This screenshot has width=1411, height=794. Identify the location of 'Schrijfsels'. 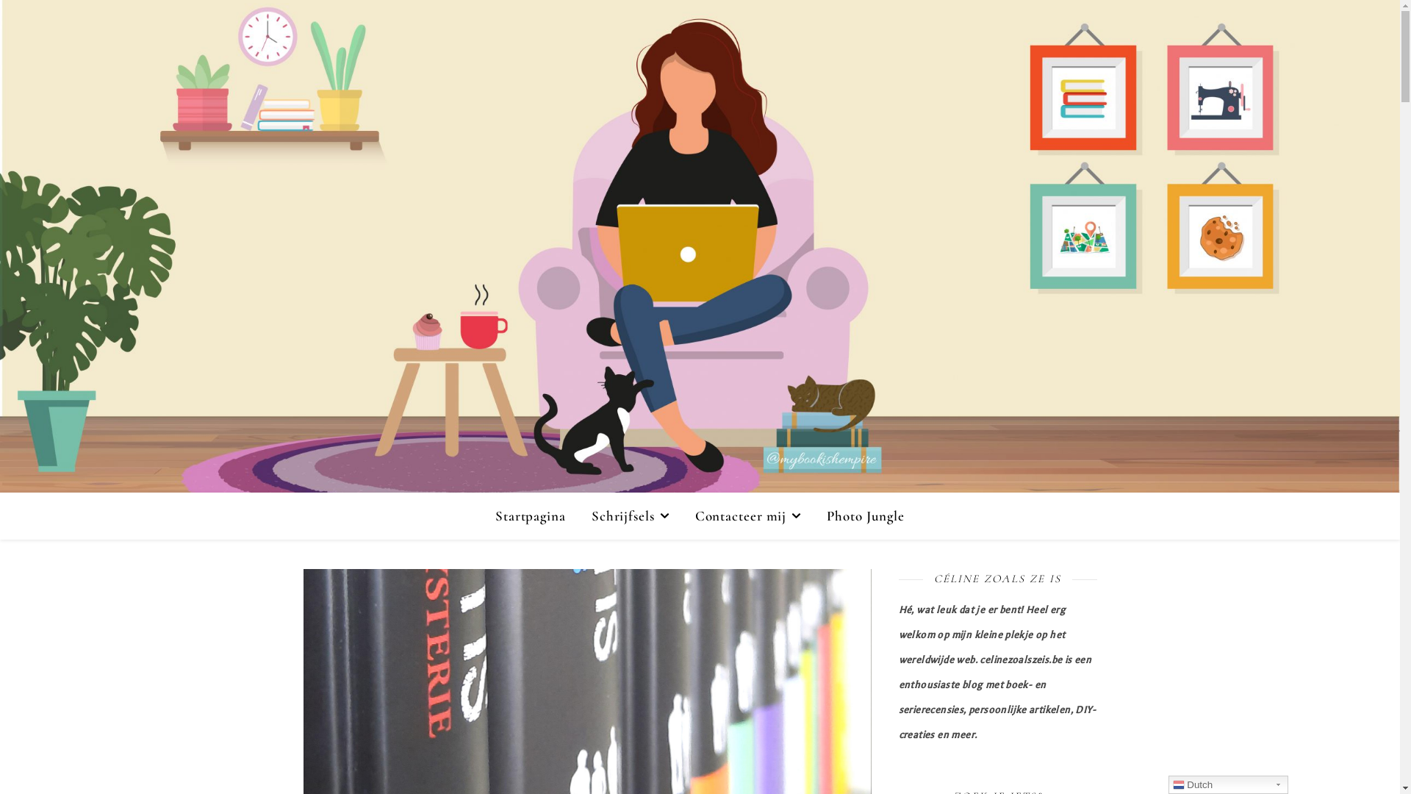
(631, 515).